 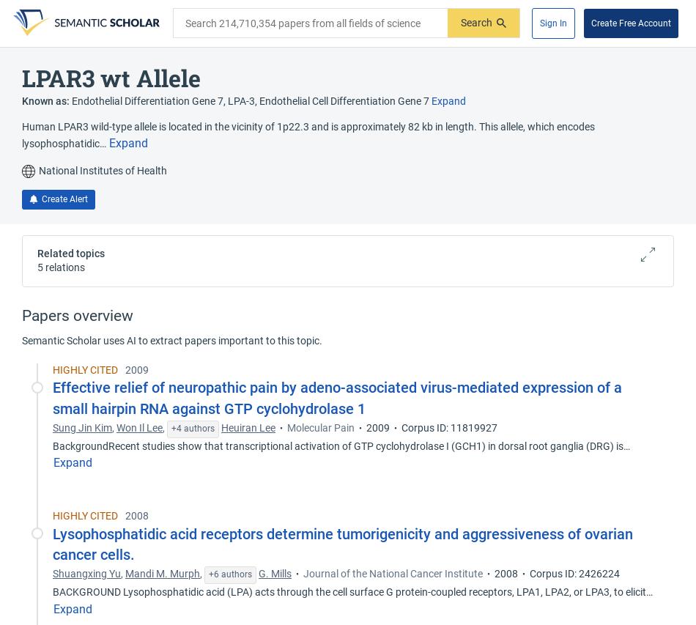 I want to click on 'Papers overview', so click(x=22, y=314).